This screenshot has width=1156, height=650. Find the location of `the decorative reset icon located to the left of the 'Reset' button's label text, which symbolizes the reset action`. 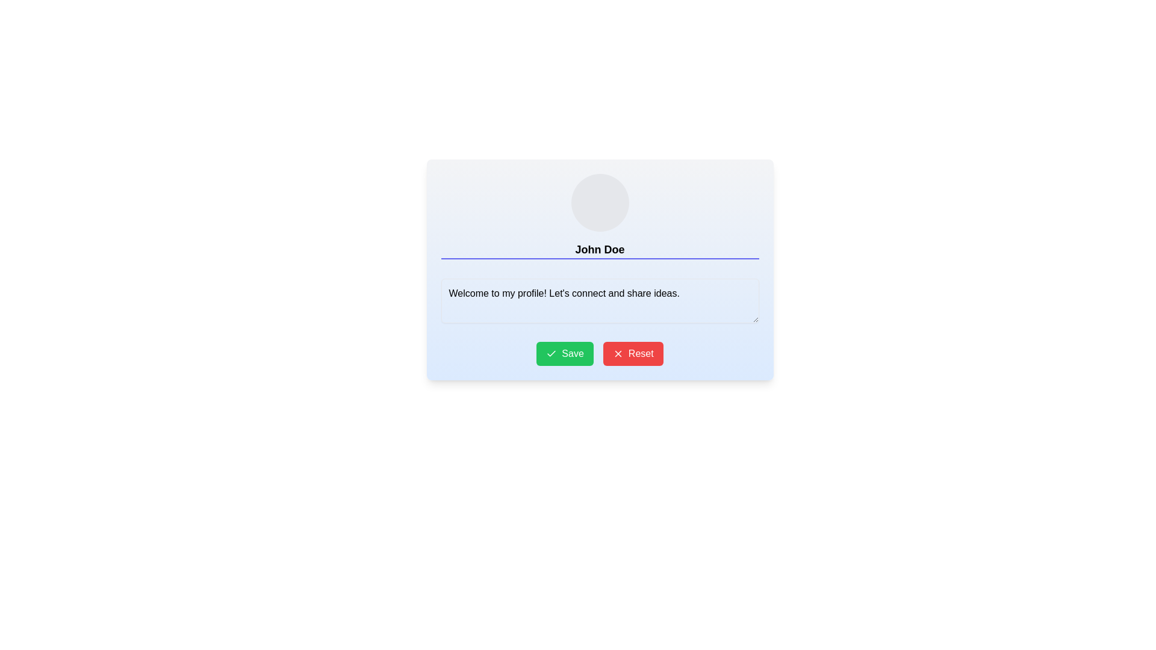

the decorative reset icon located to the left of the 'Reset' button's label text, which symbolizes the reset action is located at coordinates (618, 353).